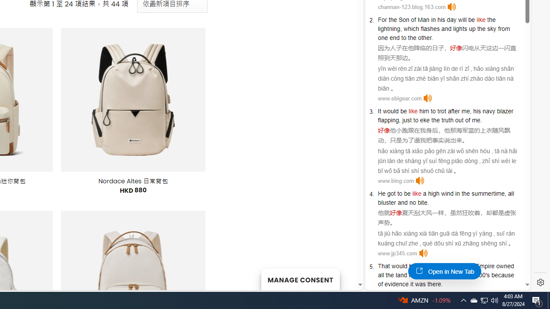  I want to click on 'evidence', so click(396, 284).